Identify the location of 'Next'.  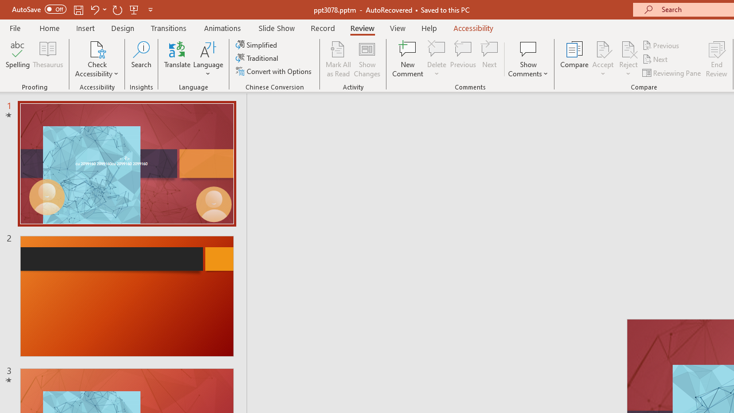
(656, 59).